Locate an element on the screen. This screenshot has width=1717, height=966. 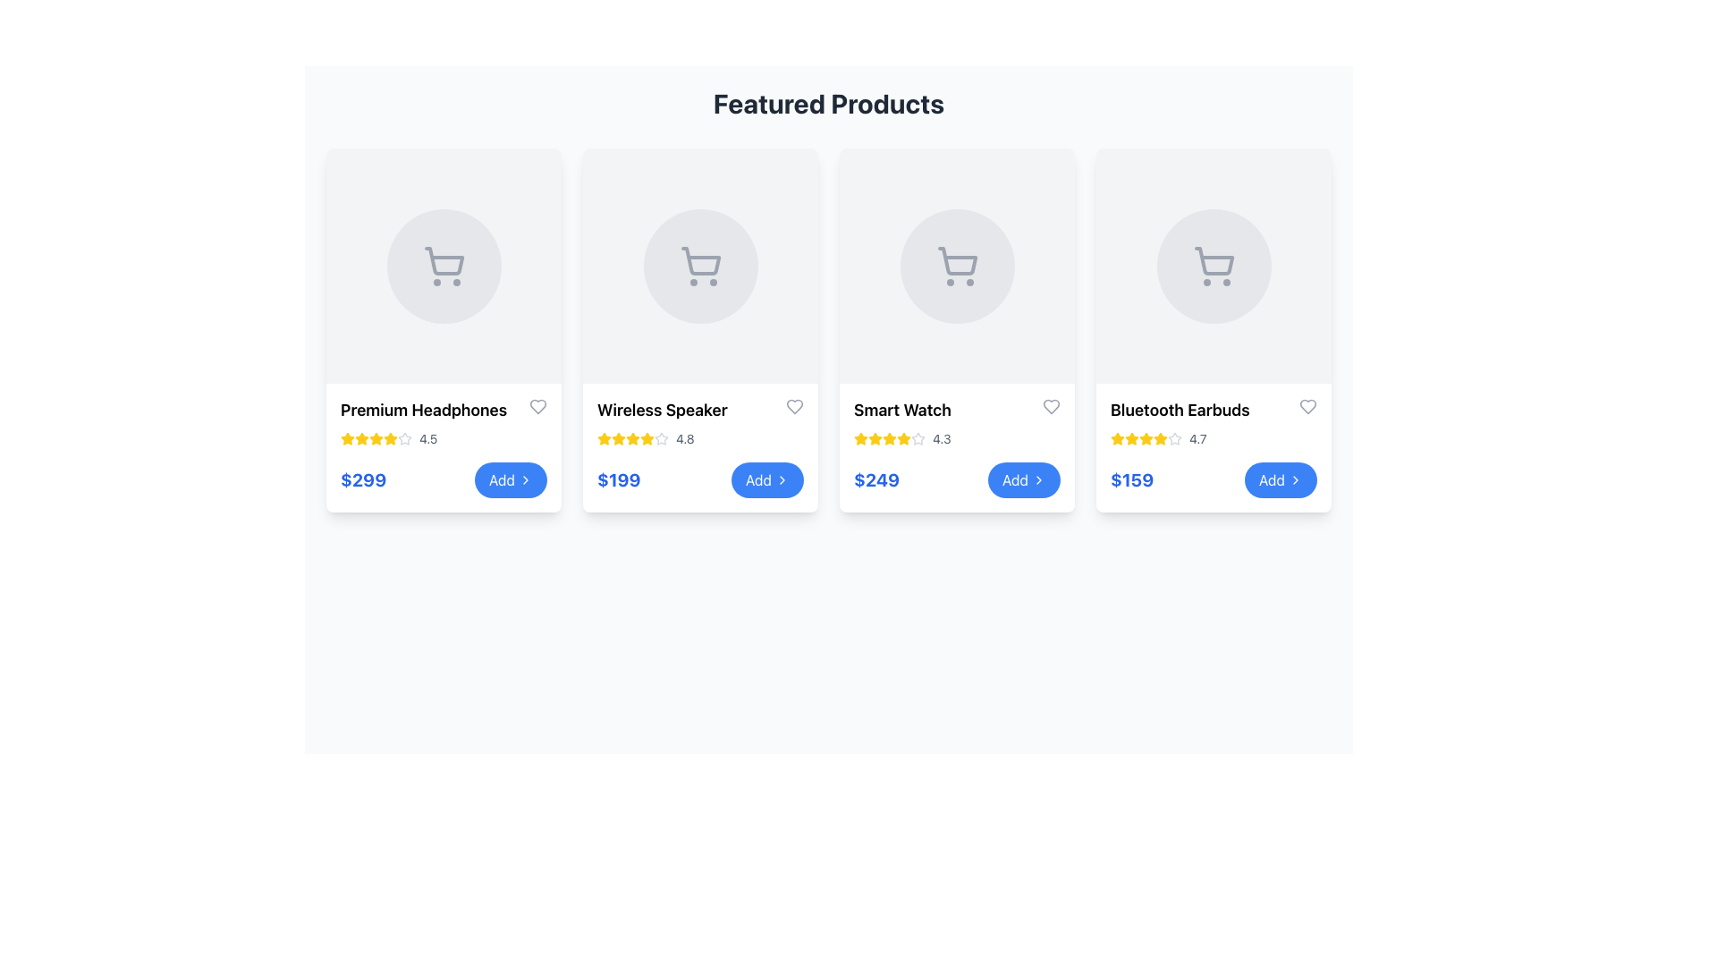
the static text element displaying the price of the 'Wireless Speaker', located in the lower left portion of the product card is located at coordinates (619, 479).